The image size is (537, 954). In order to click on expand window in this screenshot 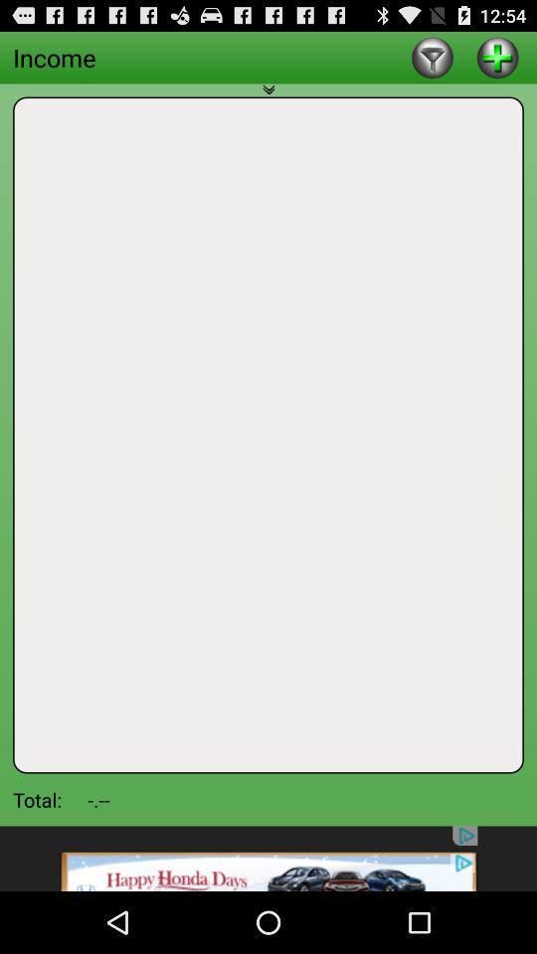, I will do `click(268, 94)`.